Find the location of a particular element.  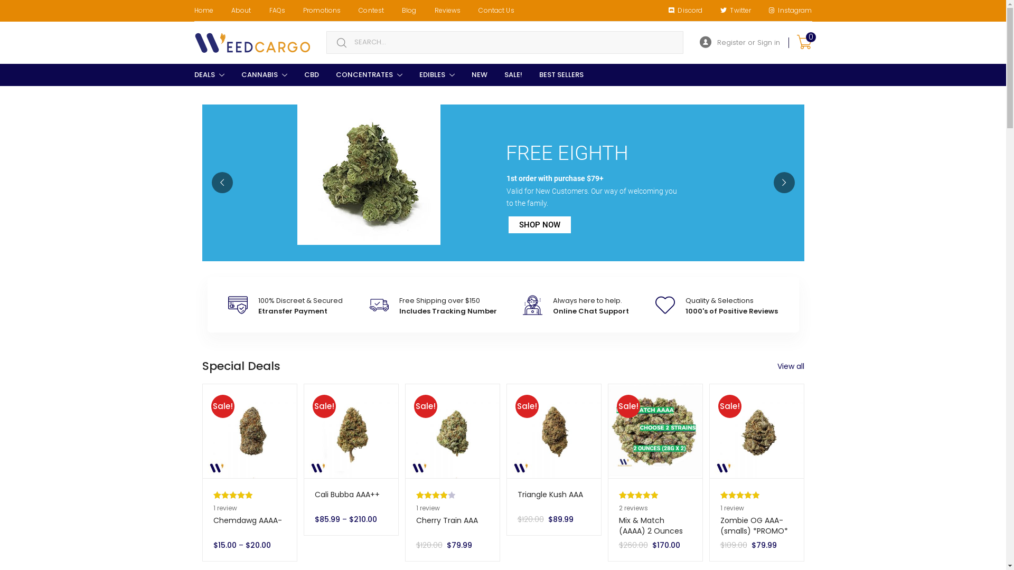

'Promotions' is located at coordinates (321, 10).